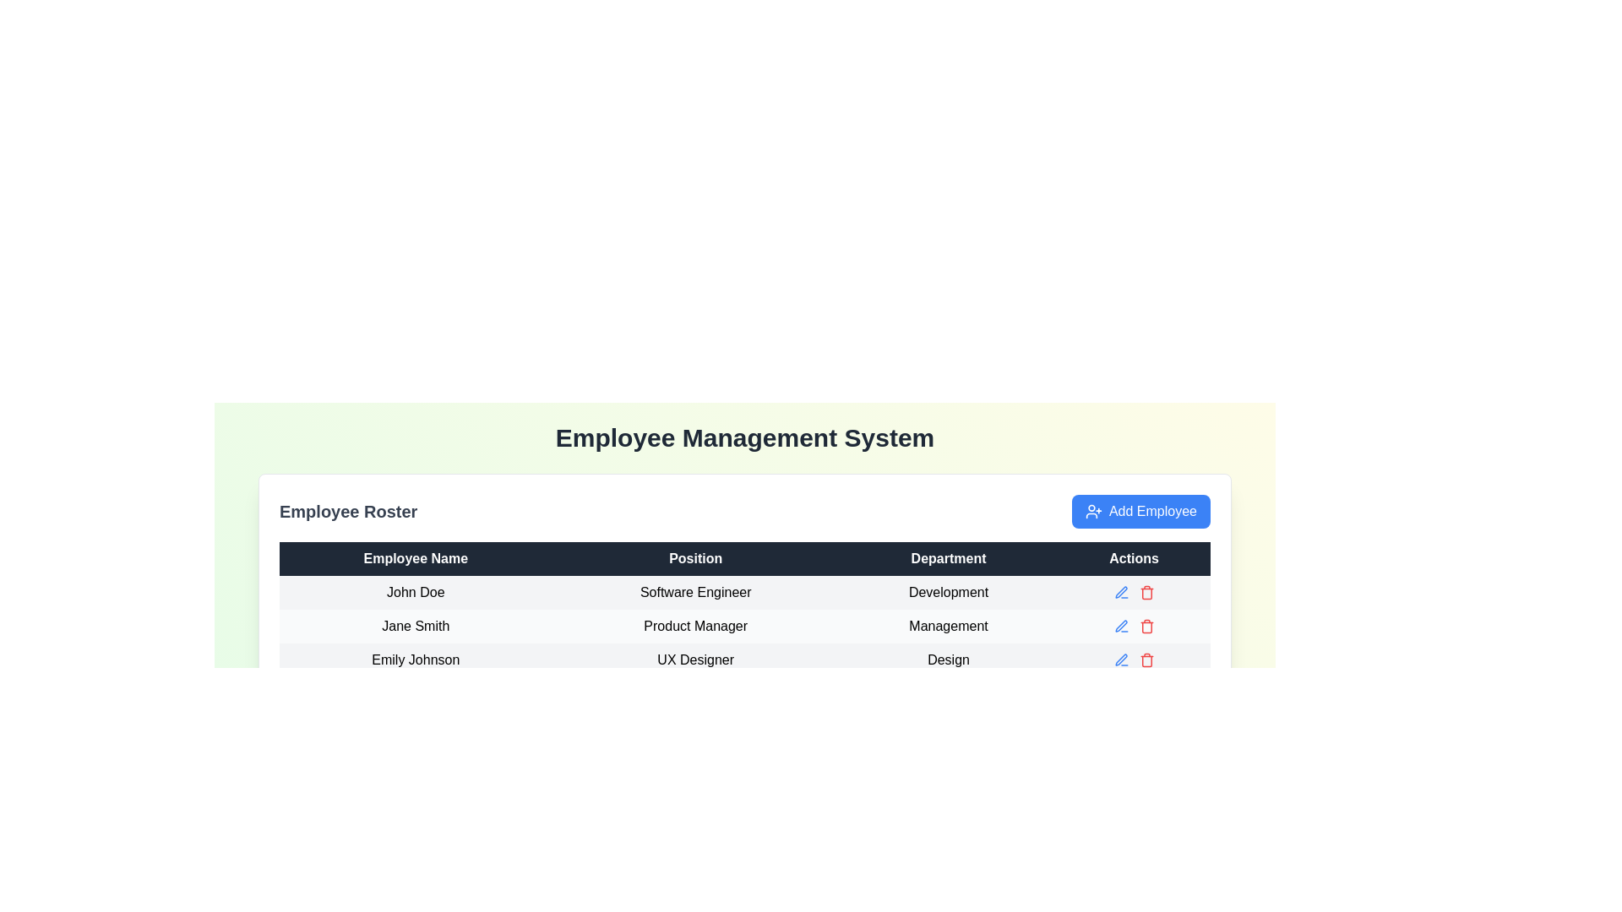 Image resolution: width=1622 pixels, height=912 pixels. I want to click on the 'Department' table header cell, which is the third column header in the tabular interface, following 'Position' and preceding 'Actions', so click(949, 559).